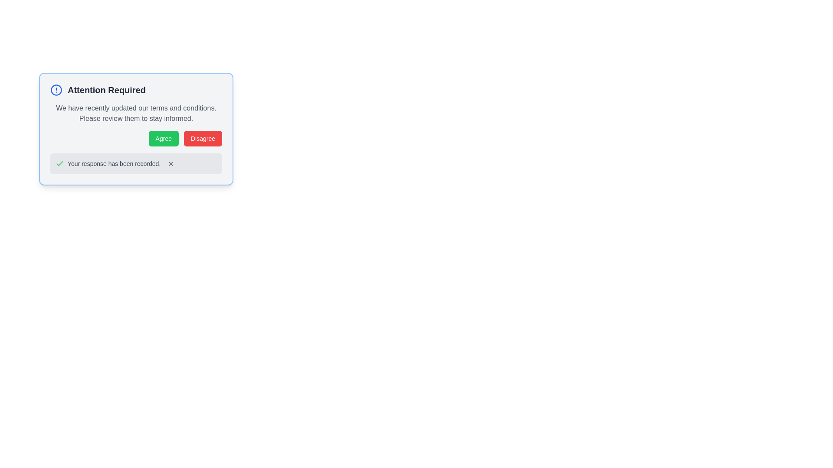 This screenshot has height=468, width=833. Describe the element at coordinates (171, 164) in the screenshot. I see `the gray-bordered 'X' close button located at the right end of the notification box labeled 'Your response has been recorded'` at that location.